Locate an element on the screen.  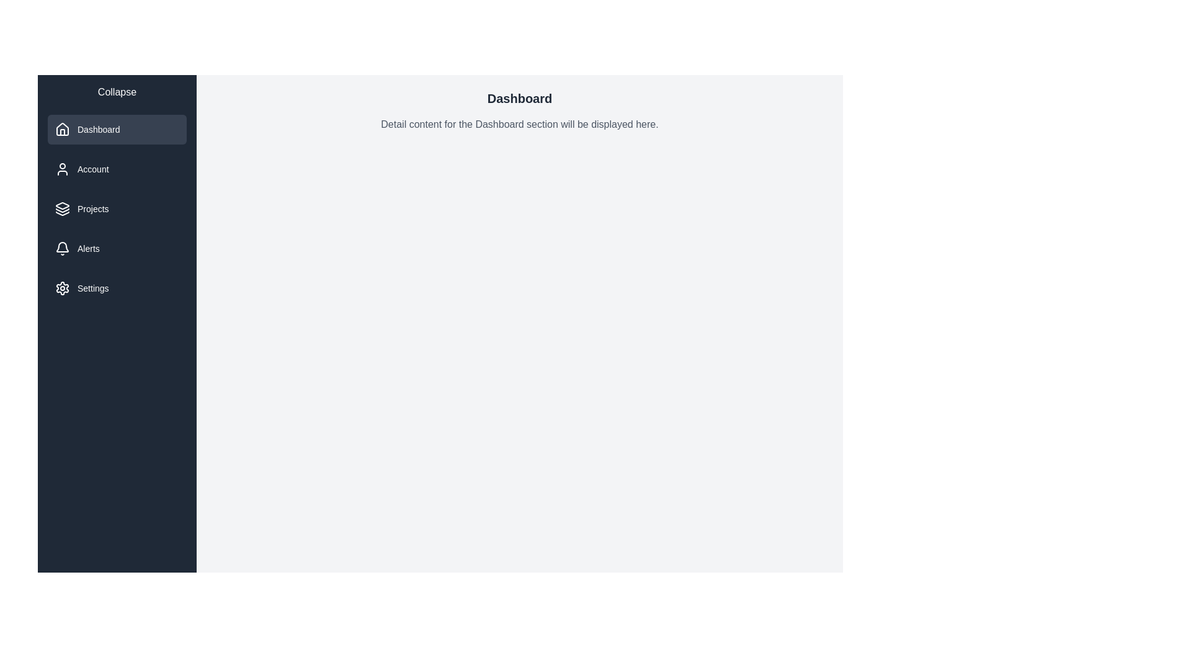
the menu item labeled Projects to display its related content is located at coordinates (117, 208).